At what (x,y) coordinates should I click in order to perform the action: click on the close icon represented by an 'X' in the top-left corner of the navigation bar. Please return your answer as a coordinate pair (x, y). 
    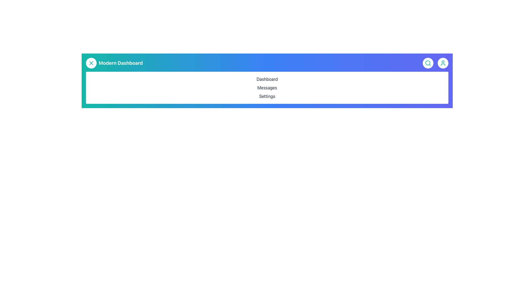
    Looking at the image, I should click on (91, 63).